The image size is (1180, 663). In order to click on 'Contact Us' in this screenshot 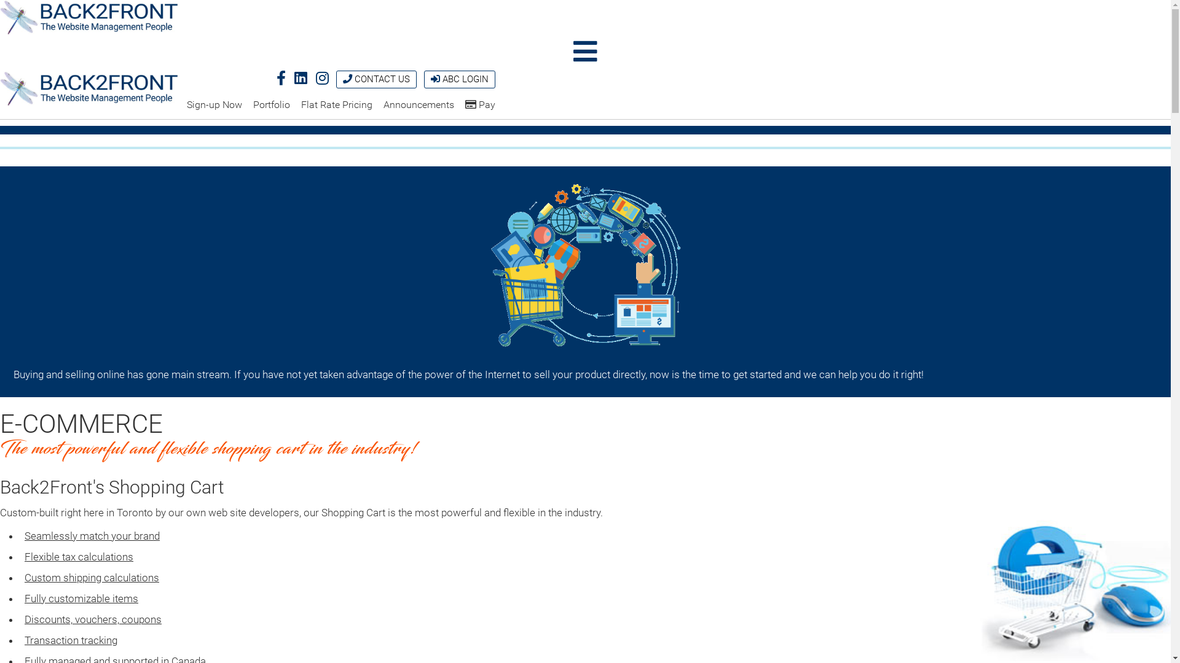, I will do `click(347, 79)`.